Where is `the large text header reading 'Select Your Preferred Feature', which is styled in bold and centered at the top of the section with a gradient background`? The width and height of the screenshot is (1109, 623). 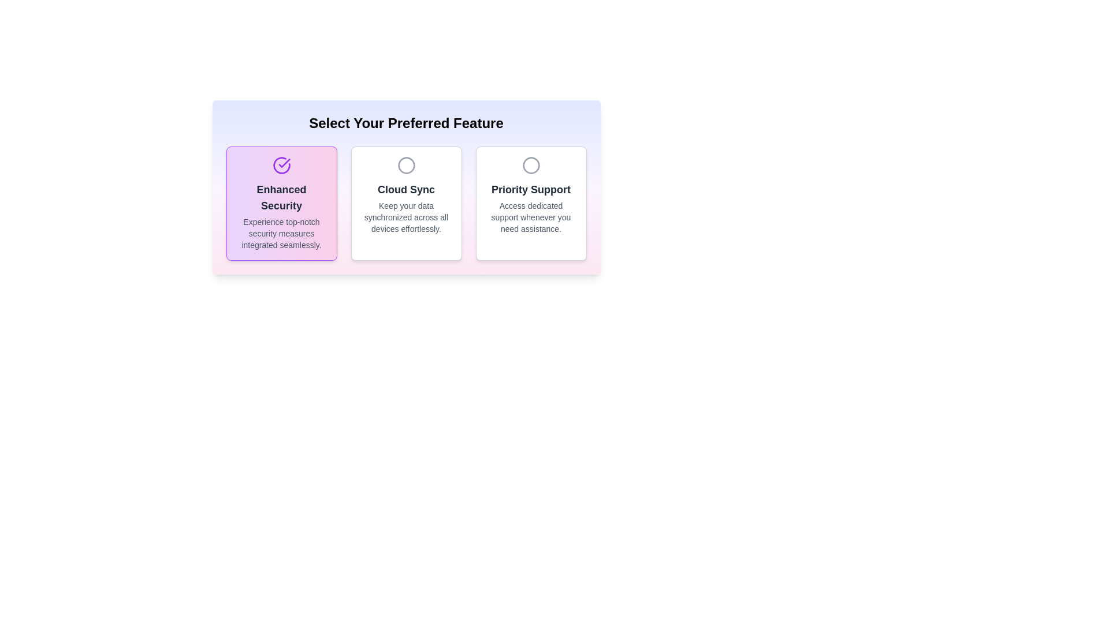
the large text header reading 'Select Your Preferred Feature', which is styled in bold and centered at the top of the section with a gradient background is located at coordinates (406, 123).